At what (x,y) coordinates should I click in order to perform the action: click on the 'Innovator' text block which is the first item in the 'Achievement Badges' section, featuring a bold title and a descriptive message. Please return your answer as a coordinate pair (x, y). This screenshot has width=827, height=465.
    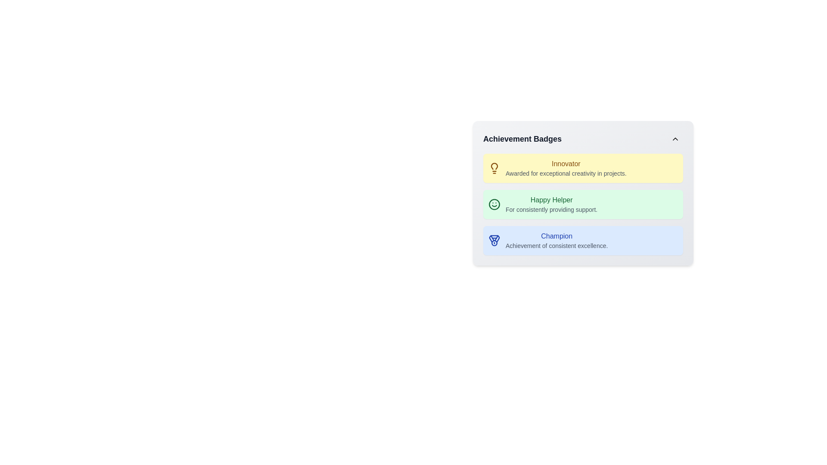
    Looking at the image, I should click on (566, 168).